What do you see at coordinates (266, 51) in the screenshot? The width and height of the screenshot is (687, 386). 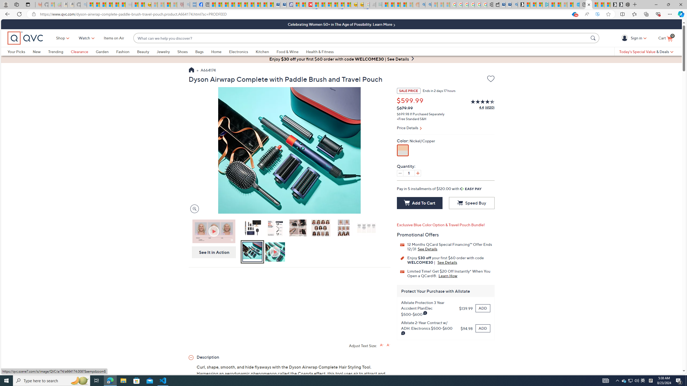 I see `'Kitchen'` at bounding box center [266, 51].